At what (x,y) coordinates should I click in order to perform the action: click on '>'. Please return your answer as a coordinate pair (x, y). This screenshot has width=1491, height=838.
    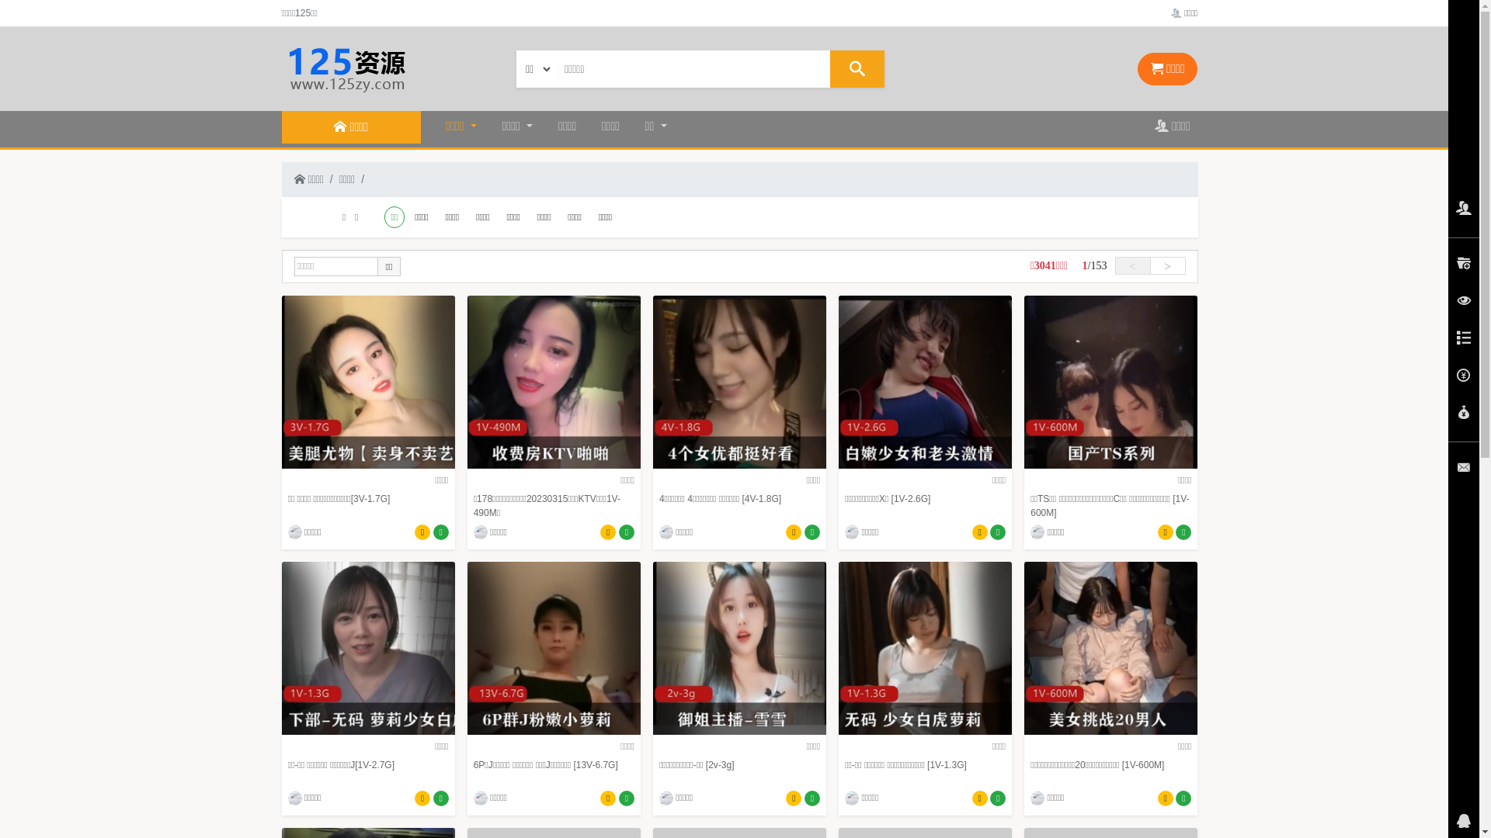
    Looking at the image, I should click on (1166, 265).